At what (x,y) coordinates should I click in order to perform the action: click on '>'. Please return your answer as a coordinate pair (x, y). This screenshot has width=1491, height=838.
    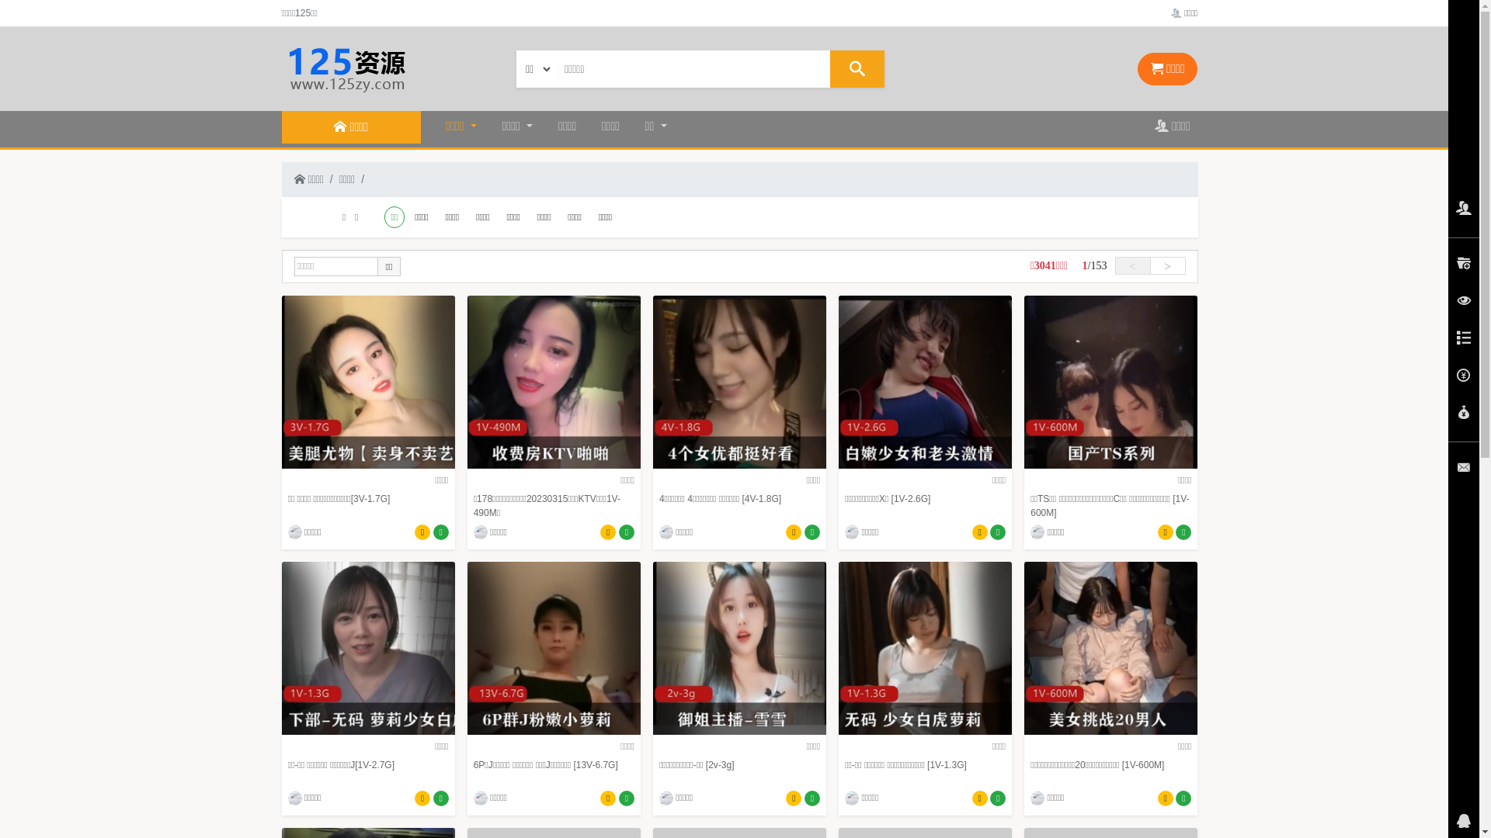
    Looking at the image, I should click on (1166, 265).